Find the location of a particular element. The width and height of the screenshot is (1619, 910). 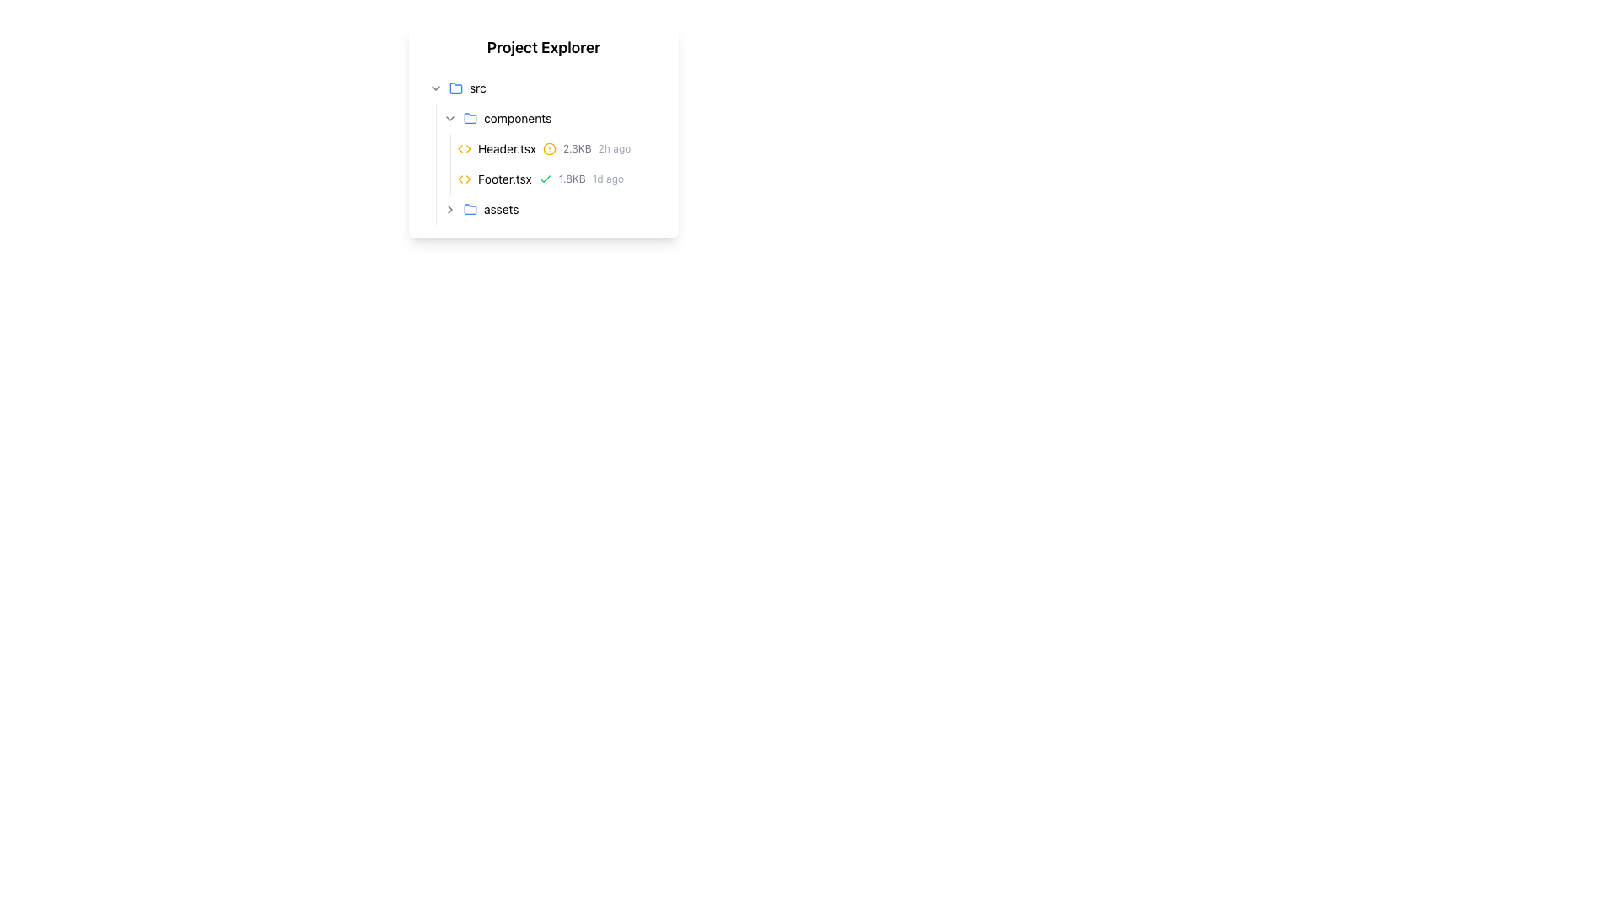

the Chevron icon next to the 'components' folder in the Project Explorer is located at coordinates (449, 118).